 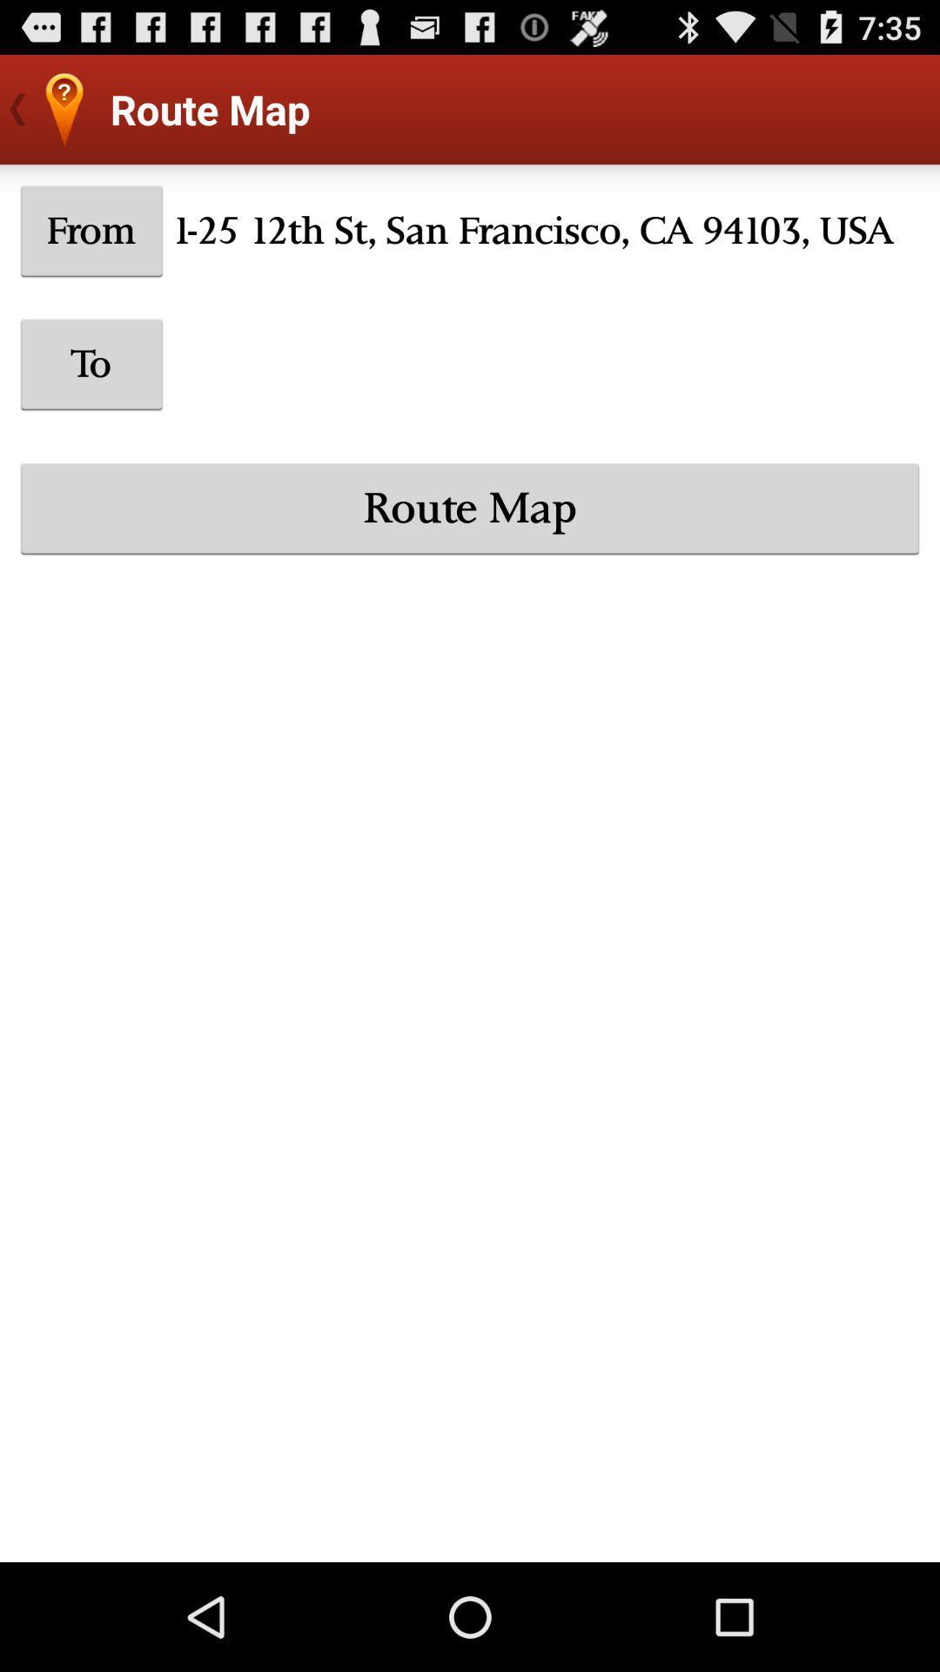 What do you see at coordinates (91, 230) in the screenshot?
I see `the from icon` at bounding box center [91, 230].